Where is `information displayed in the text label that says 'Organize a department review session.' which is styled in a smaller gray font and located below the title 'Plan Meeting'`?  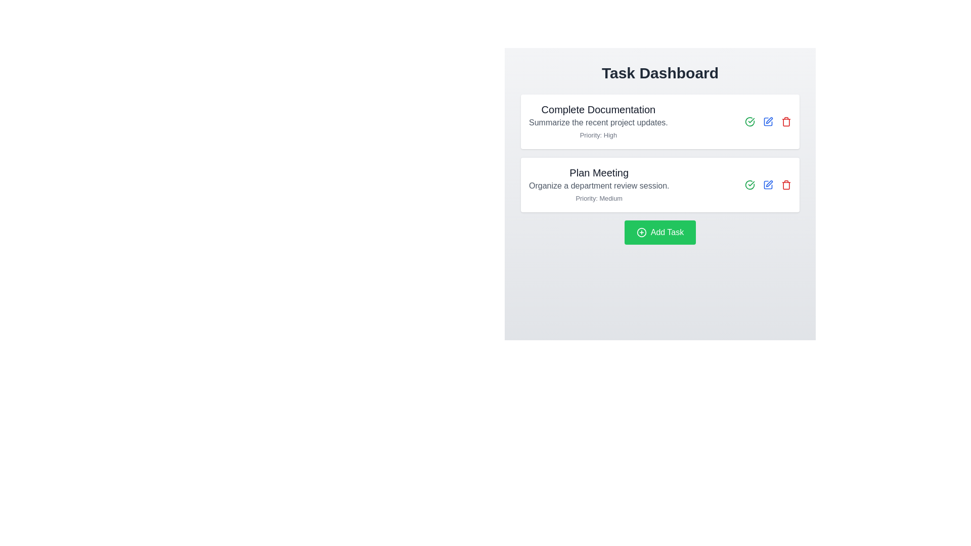 information displayed in the text label that says 'Organize a department review session.' which is styled in a smaller gray font and located below the title 'Plan Meeting' is located at coordinates (599, 186).